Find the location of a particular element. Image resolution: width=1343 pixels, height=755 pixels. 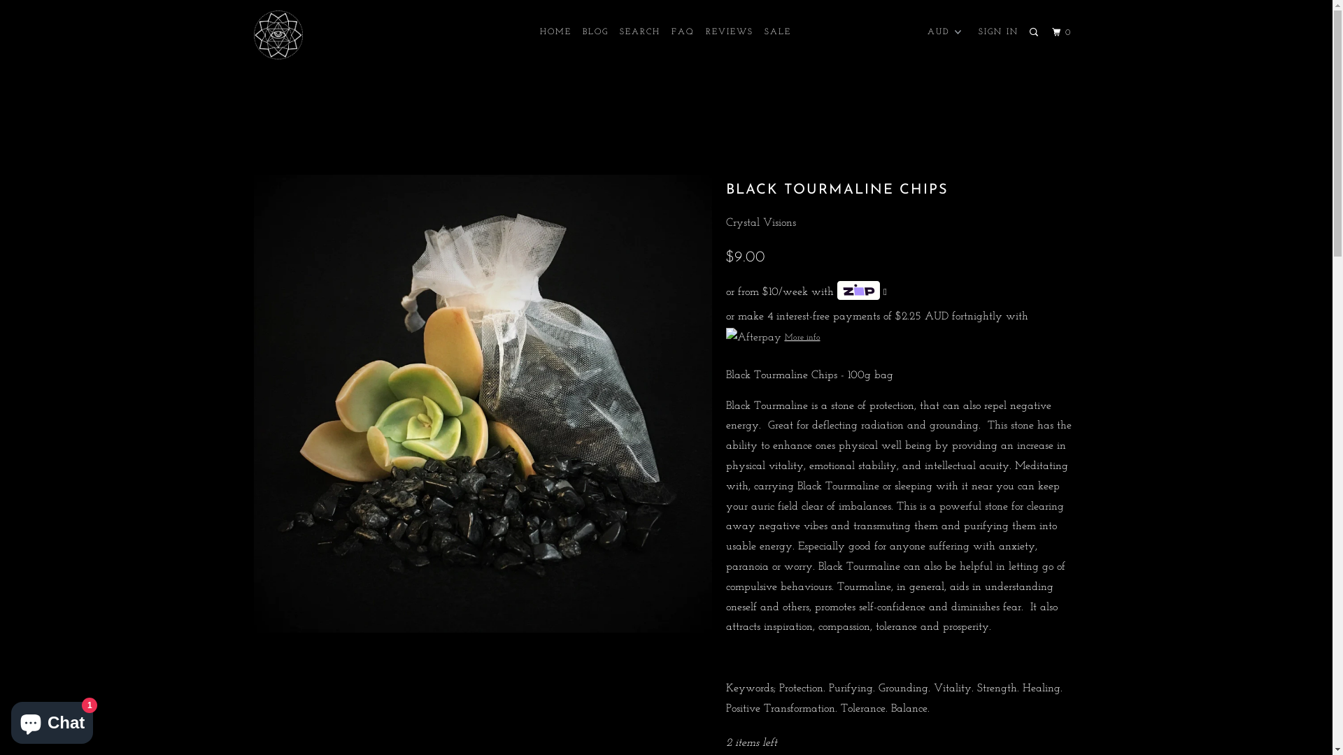

'REVIEWS' is located at coordinates (728, 31).